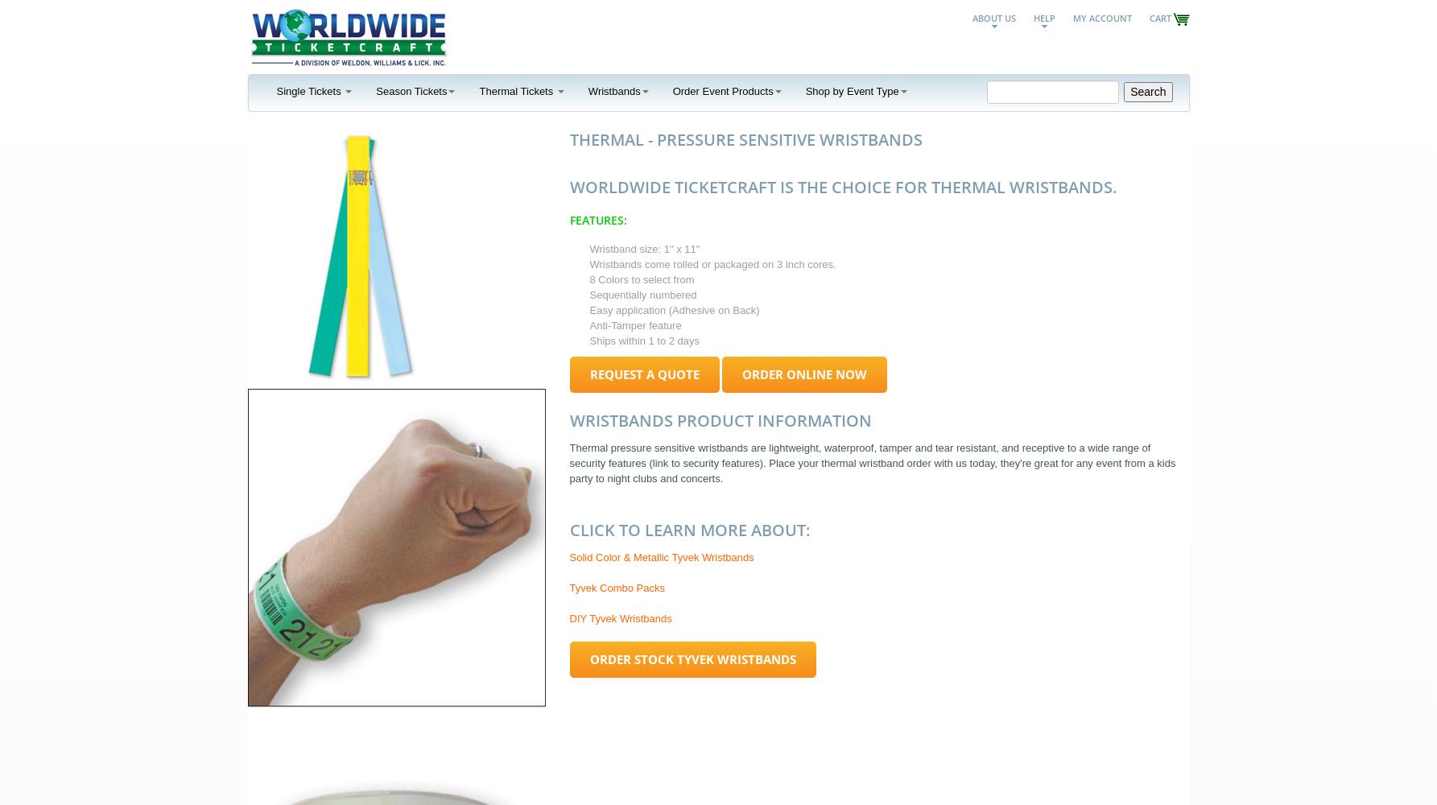 The image size is (1437, 805). Describe the element at coordinates (689, 529) in the screenshot. I see `'Click to Learn more about:'` at that location.